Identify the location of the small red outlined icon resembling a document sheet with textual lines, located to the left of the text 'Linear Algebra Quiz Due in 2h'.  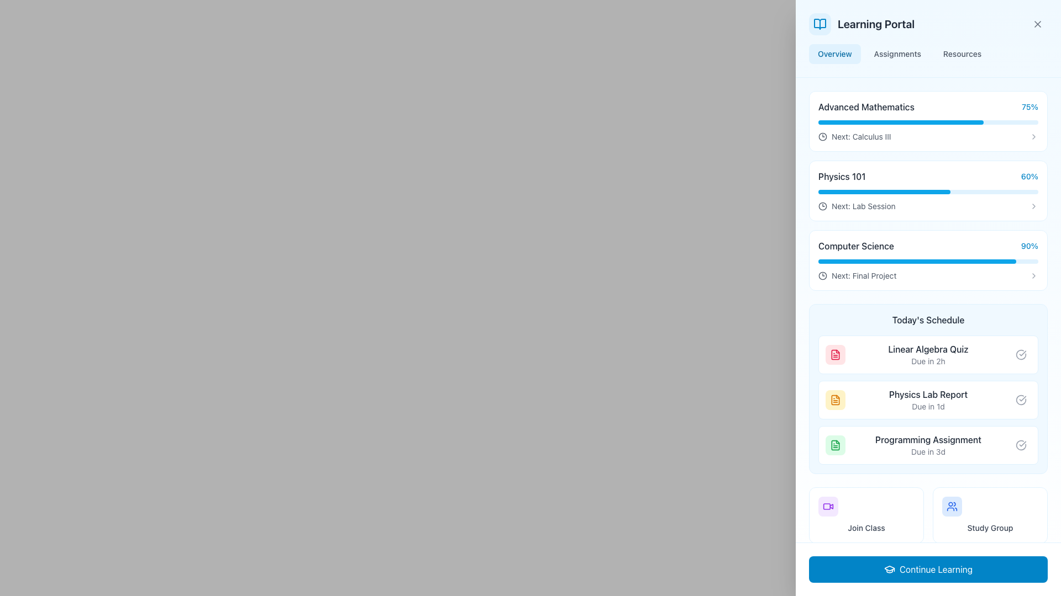
(836, 355).